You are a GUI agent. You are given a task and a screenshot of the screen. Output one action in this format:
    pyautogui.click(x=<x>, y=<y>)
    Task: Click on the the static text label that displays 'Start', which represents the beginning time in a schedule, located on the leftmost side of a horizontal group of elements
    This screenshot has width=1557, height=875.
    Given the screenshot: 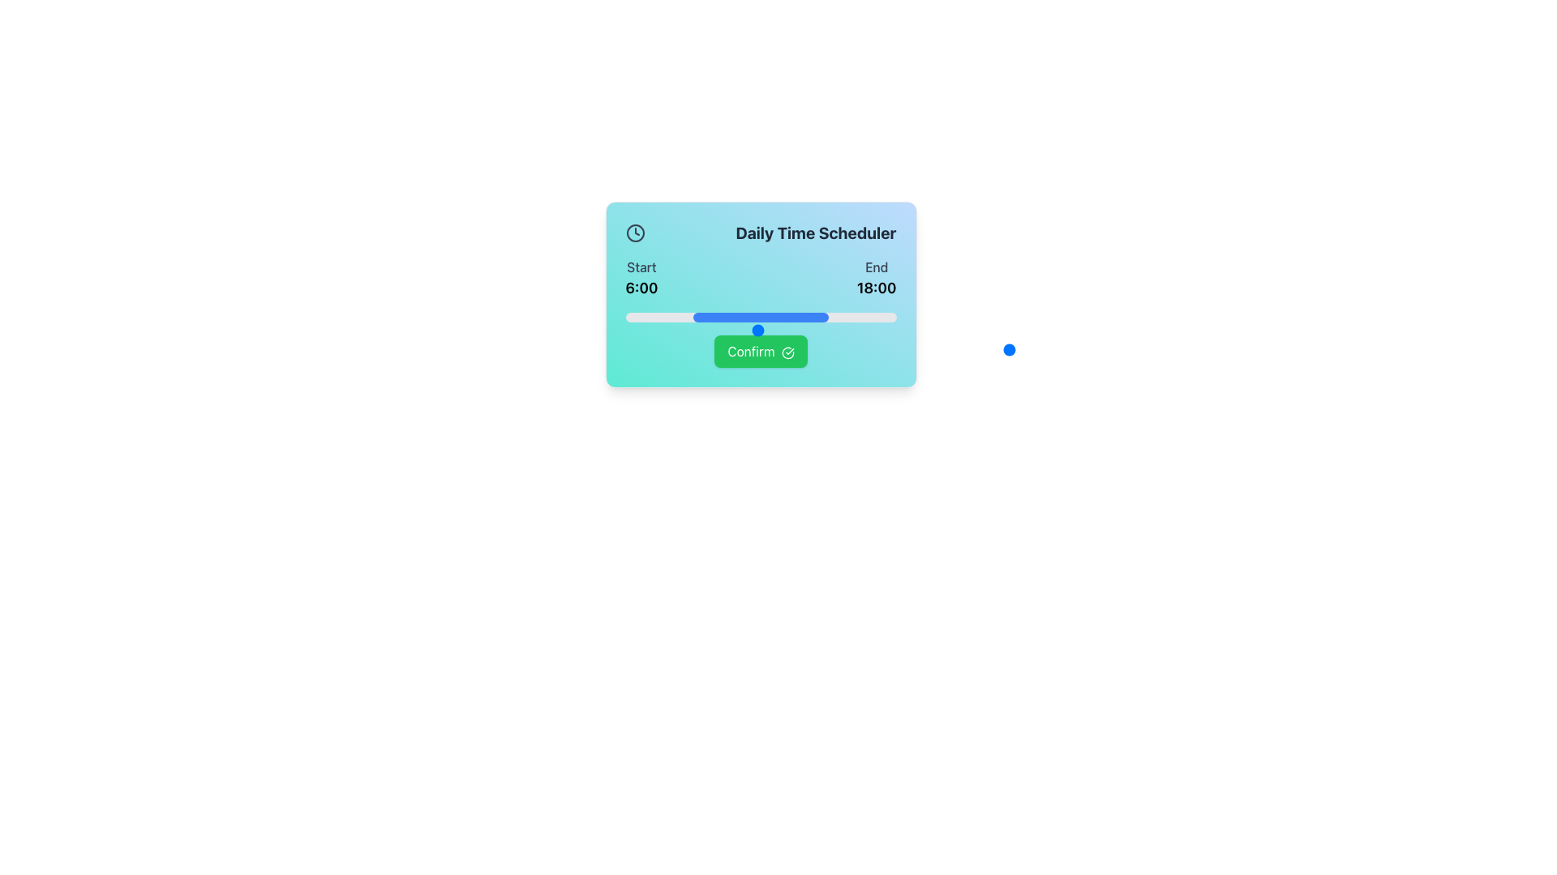 What is the action you would take?
    pyautogui.click(x=641, y=277)
    